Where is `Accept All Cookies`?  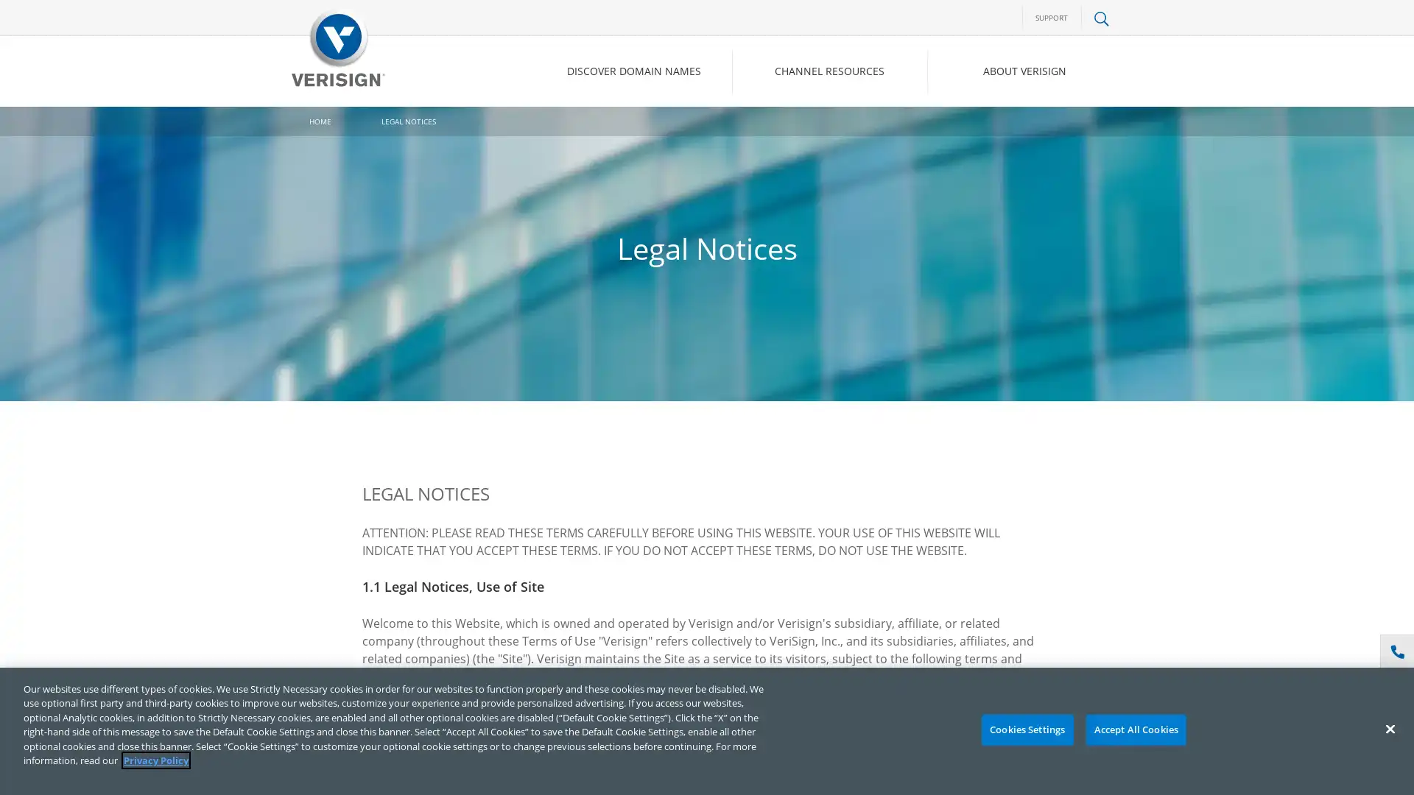
Accept All Cookies is located at coordinates (1135, 729).